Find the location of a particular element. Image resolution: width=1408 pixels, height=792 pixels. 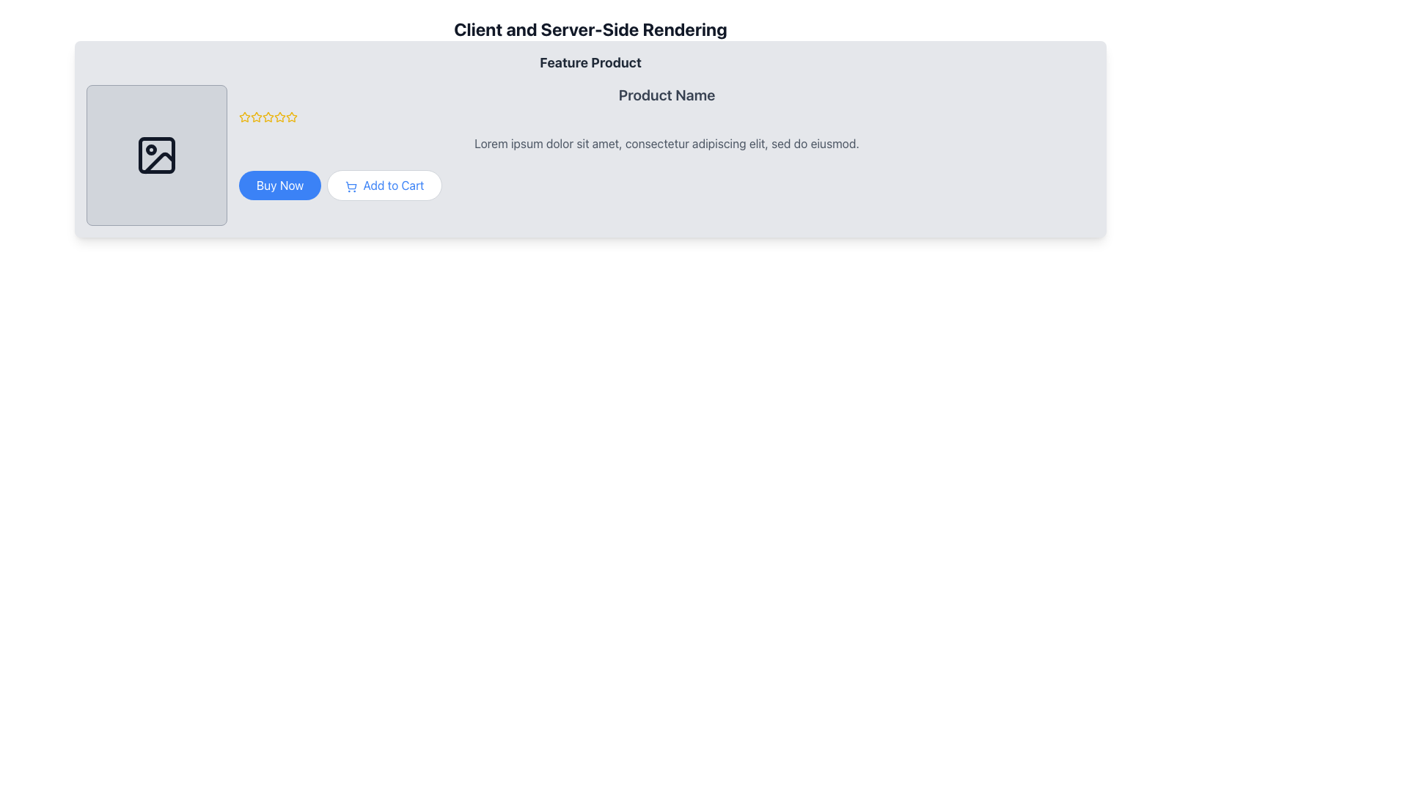

the square with rounded corners inside the SVG image located in the left pane of the product display section is located at coordinates (157, 155).